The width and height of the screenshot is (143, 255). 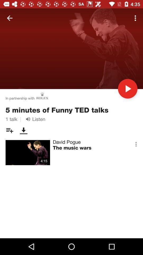 What do you see at coordinates (34, 119) in the screenshot?
I see `item next to the |` at bounding box center [34, 119].